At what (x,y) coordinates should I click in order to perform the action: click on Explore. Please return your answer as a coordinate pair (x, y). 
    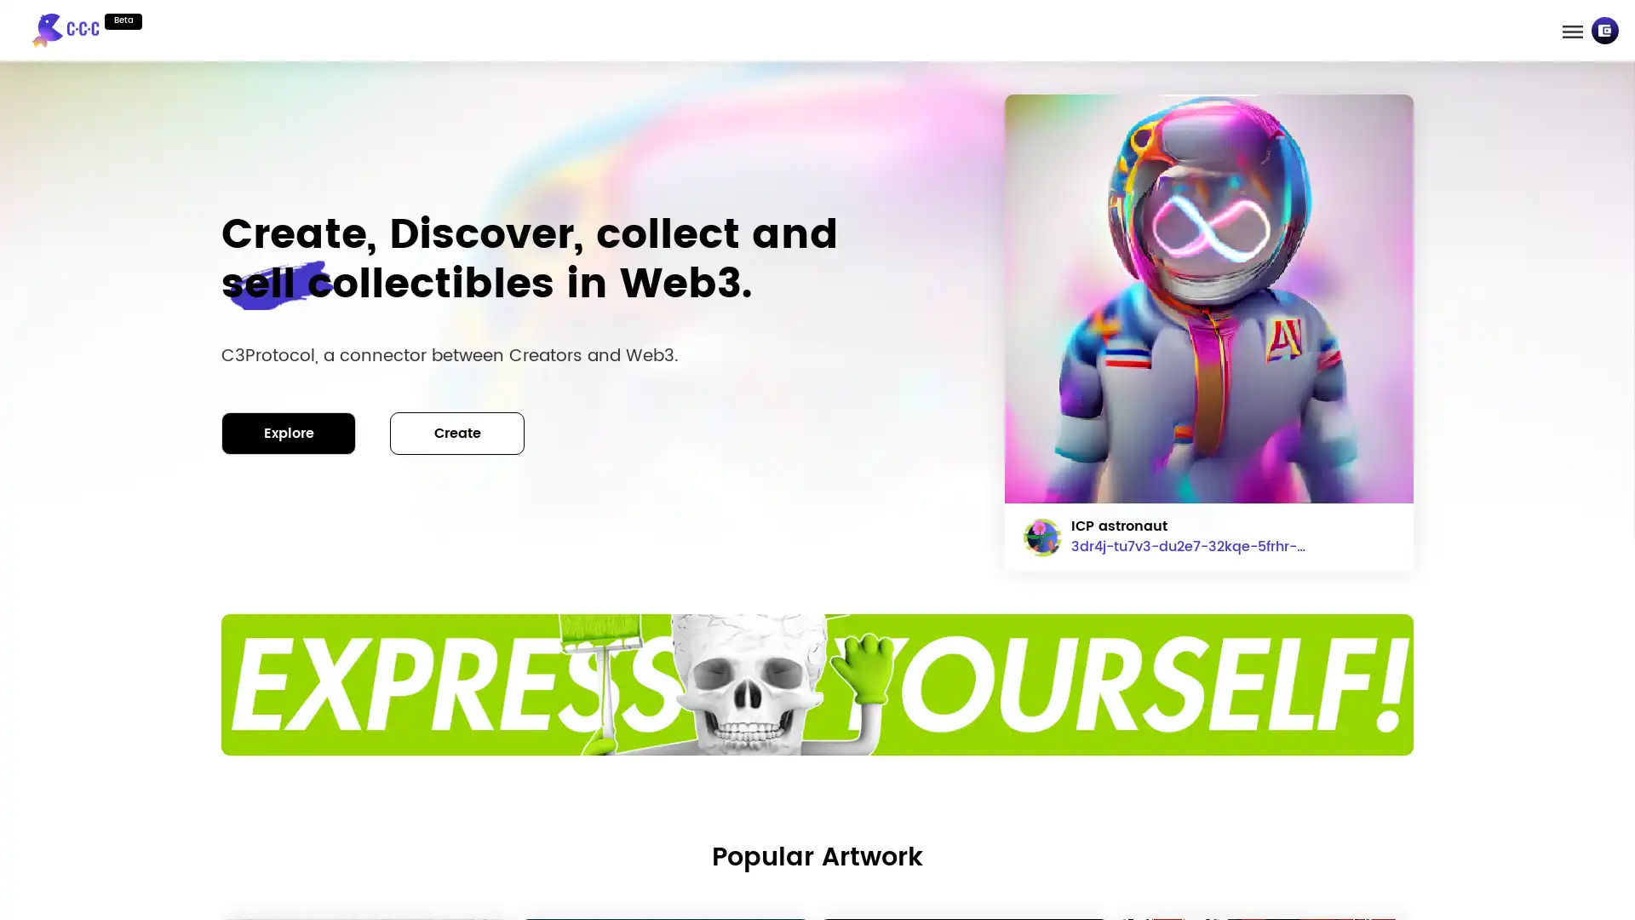
    Looking at the image, I should click on (289, 432).